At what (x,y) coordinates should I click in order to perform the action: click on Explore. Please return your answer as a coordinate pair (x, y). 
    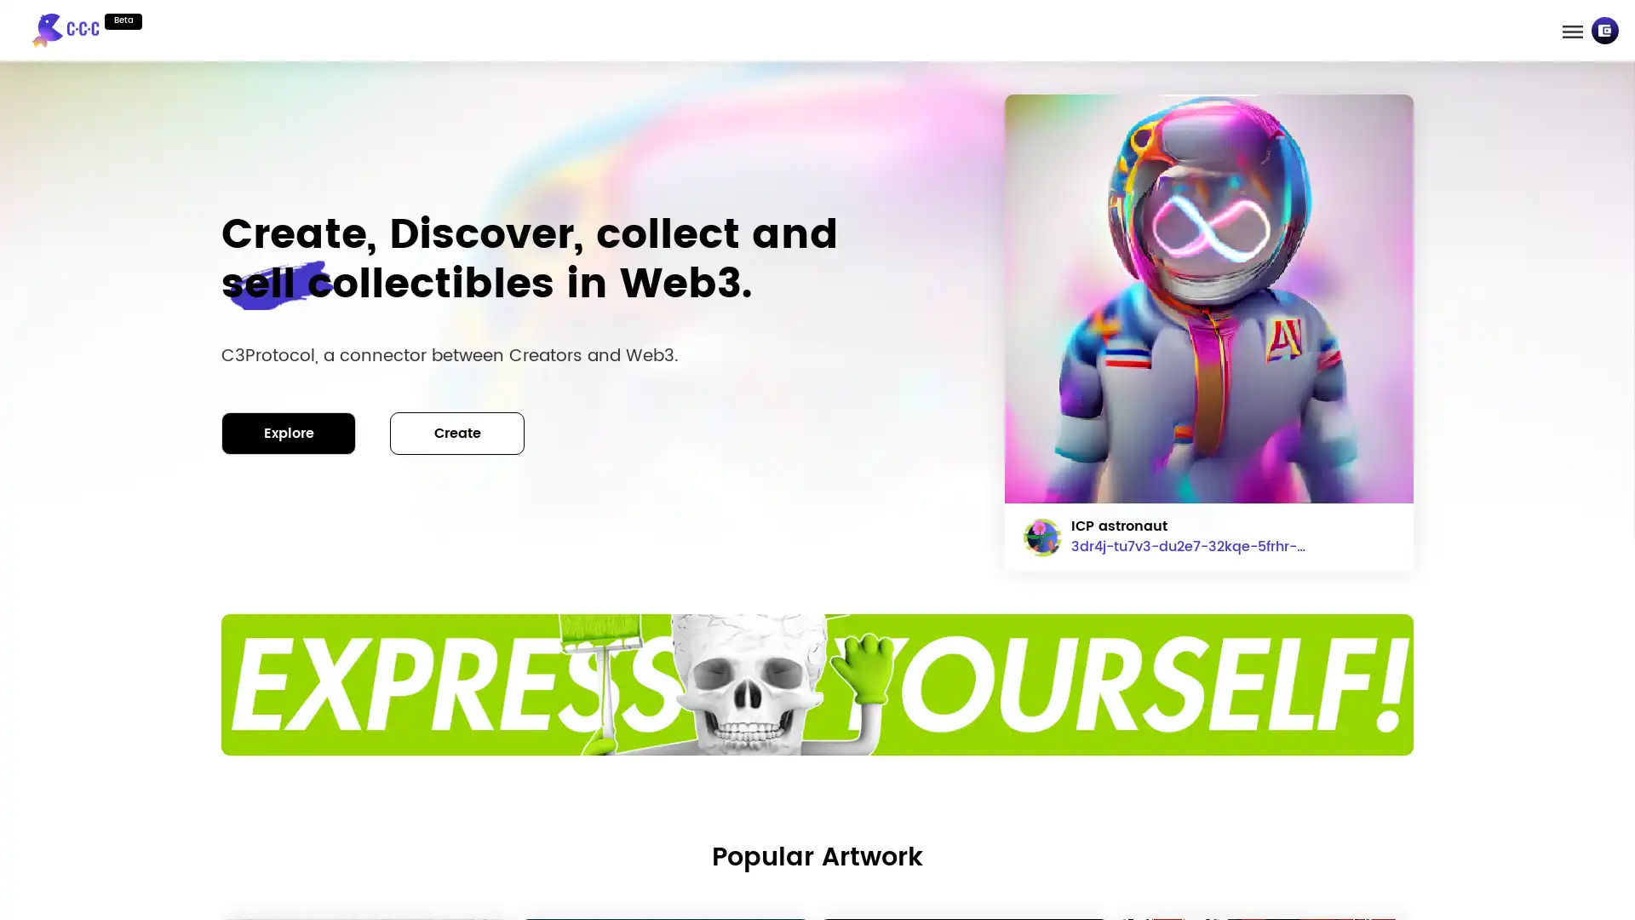
    Looking at the image, I should click on (289, 432).